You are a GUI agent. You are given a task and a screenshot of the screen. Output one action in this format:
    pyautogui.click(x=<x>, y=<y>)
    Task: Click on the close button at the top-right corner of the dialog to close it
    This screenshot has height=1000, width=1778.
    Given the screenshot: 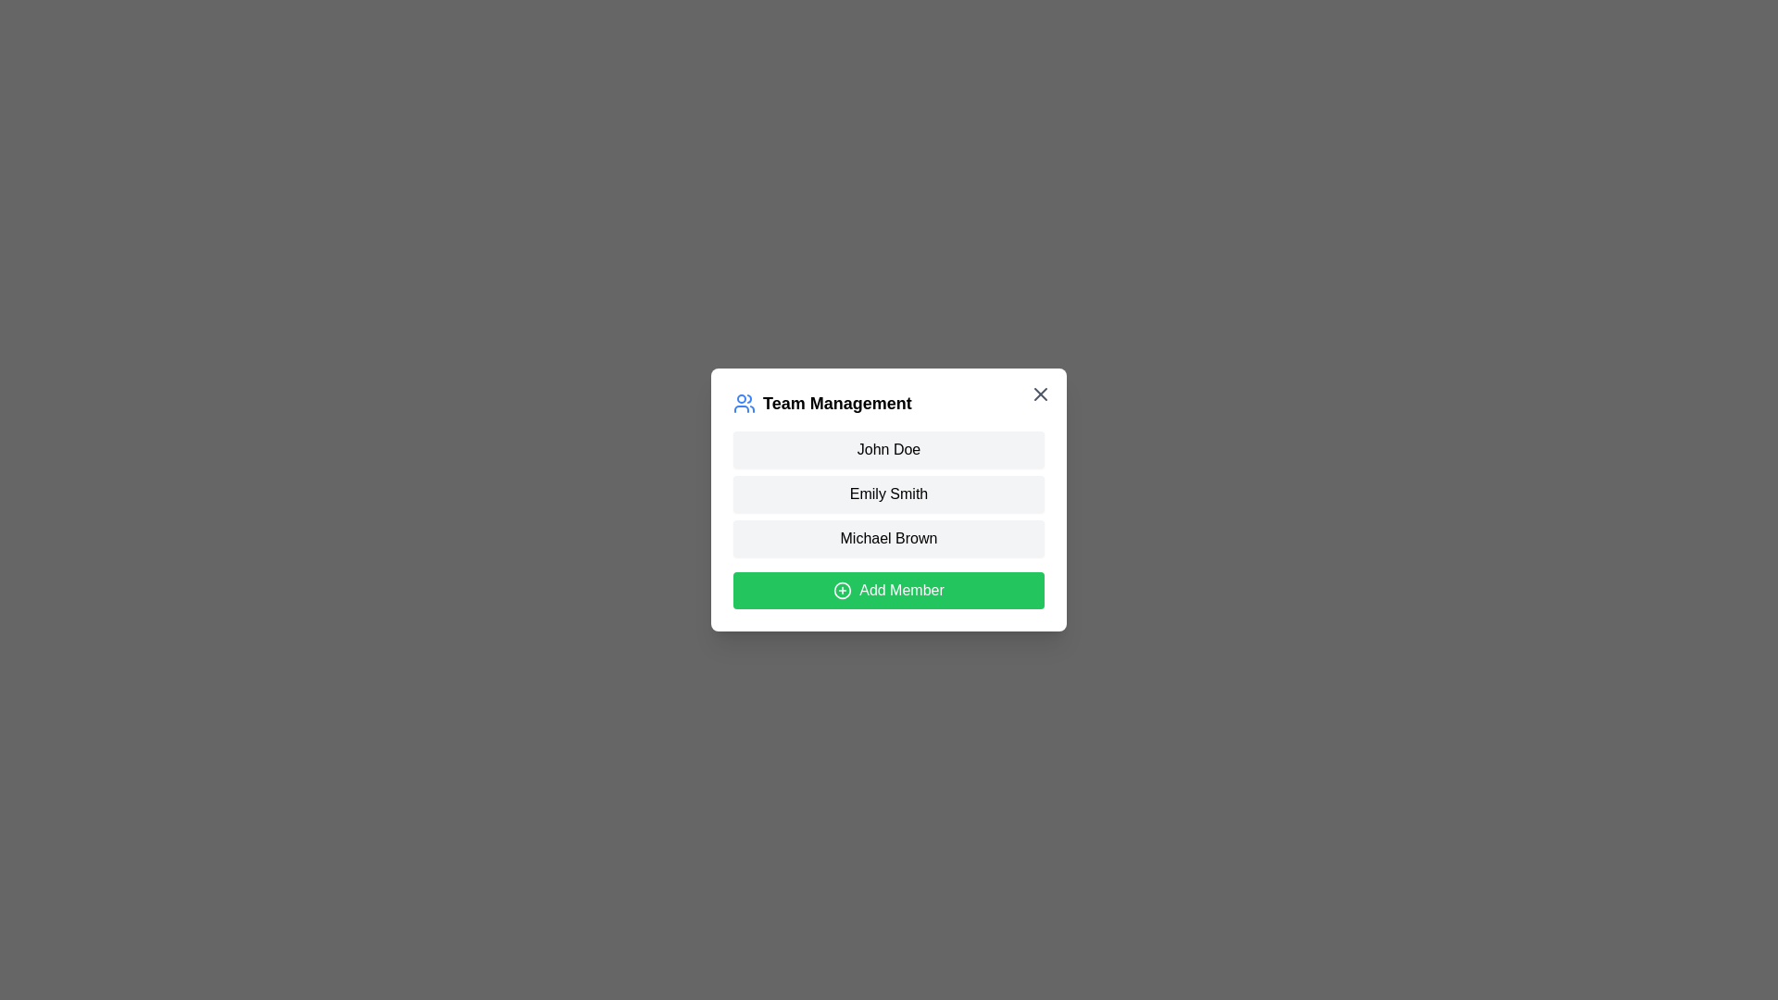 What is the action you would take?
    pyautogui.click(x=1040, y=393)
    